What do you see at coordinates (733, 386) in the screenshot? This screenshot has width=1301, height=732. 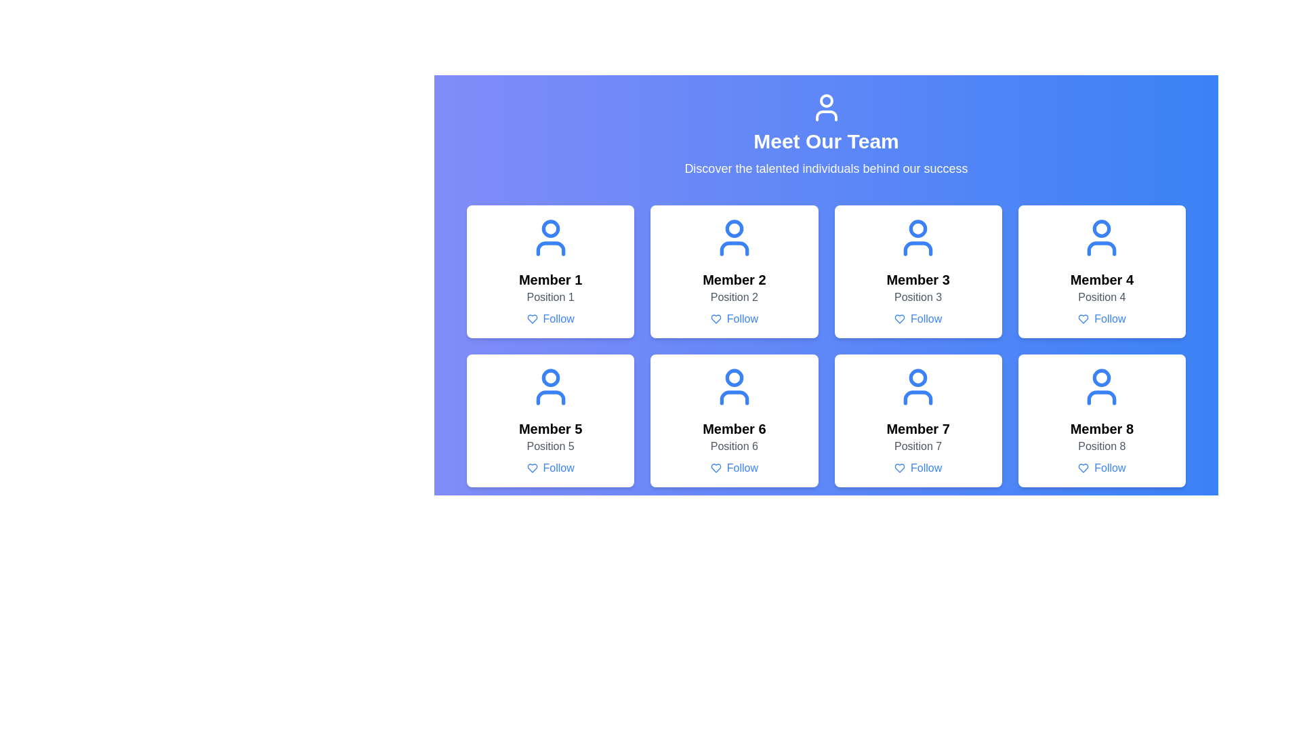 I see `user icon represented as an outline of a human figure in blue, located at the top-center of the 'Member 6' card` at bounding box center [733, 386].